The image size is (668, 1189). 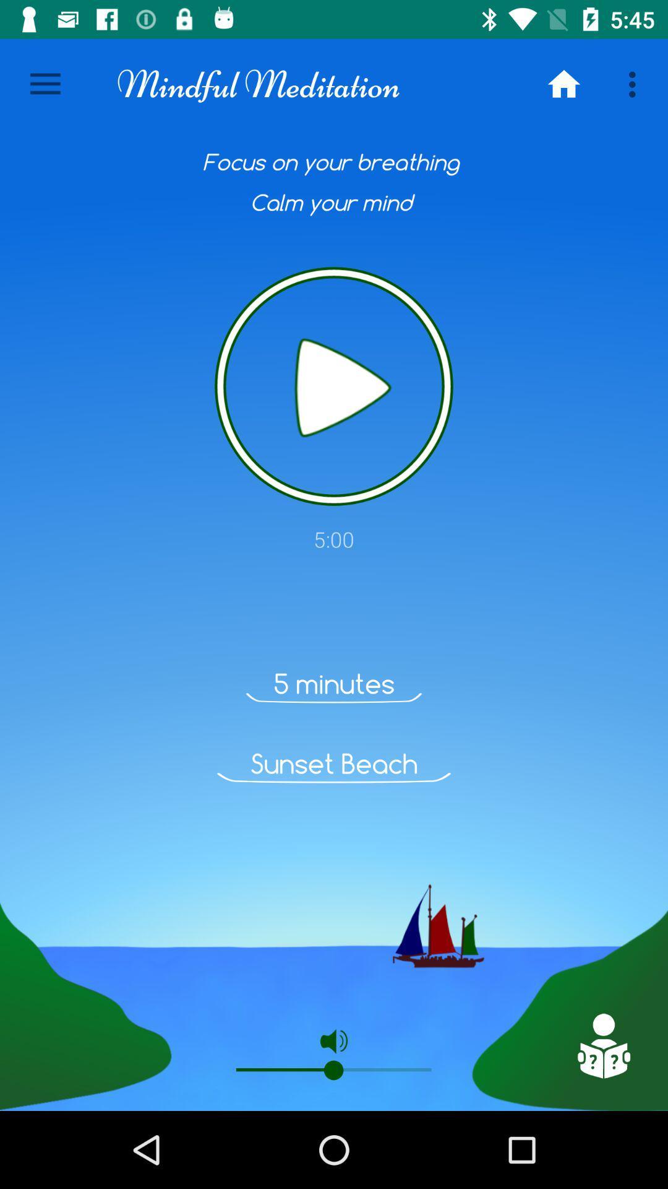 What do you see at coordinates (334, 763) in the screenshot?
I see `the   sunset beach   icon` at bounding box center [334, 763].